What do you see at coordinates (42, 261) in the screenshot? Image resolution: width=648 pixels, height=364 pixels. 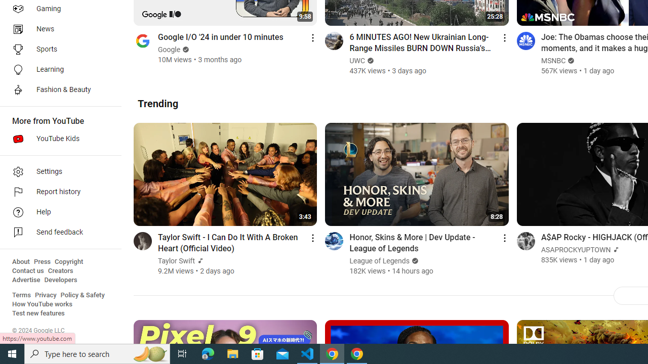 I see `'Press'` at bounding box center [42, 261].